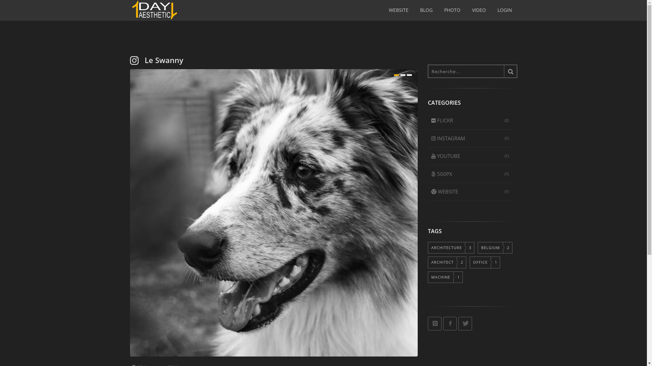 This screenshot has width=652, height=366. I want to click on 'VIDEO', so click(478, 10).